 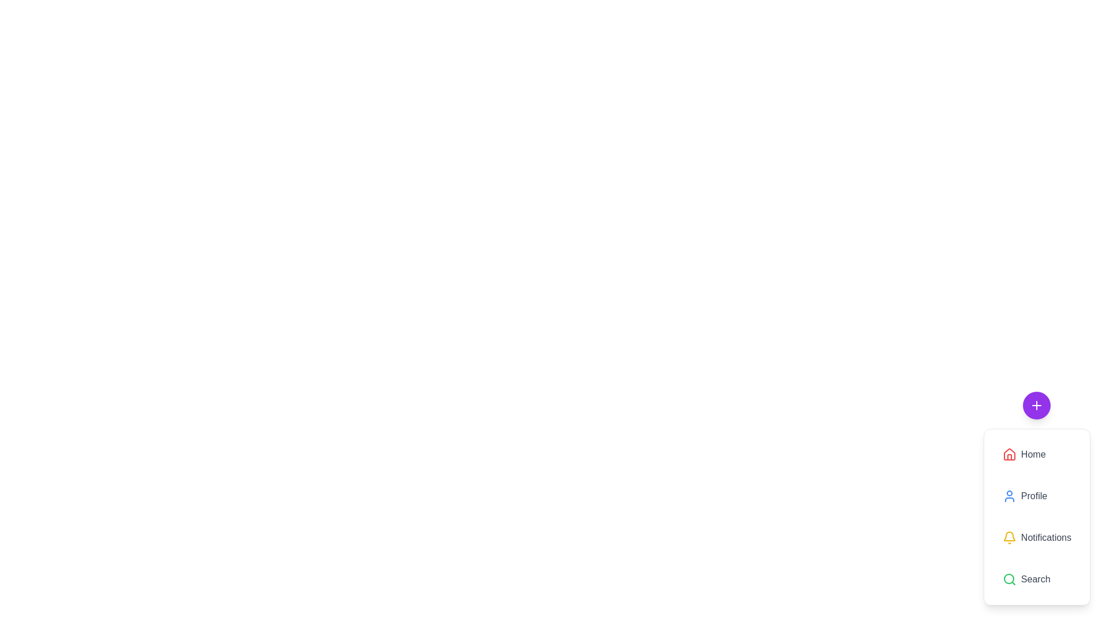 What do you see at coordinates (1037, 537) in the screenshot?
I see `the 'Notifications' button` at bounding box center [1037, 537].